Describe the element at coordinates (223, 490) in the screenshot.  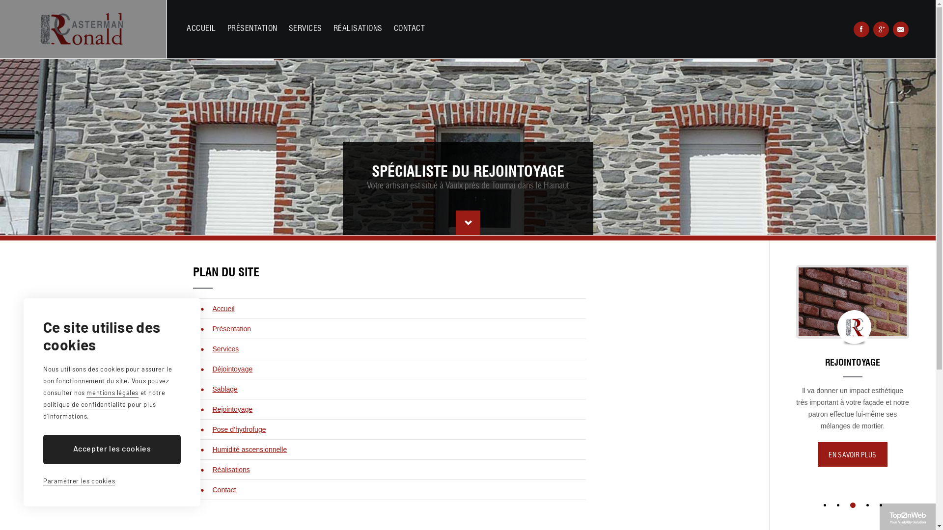
I see `'Contact'` at that location.